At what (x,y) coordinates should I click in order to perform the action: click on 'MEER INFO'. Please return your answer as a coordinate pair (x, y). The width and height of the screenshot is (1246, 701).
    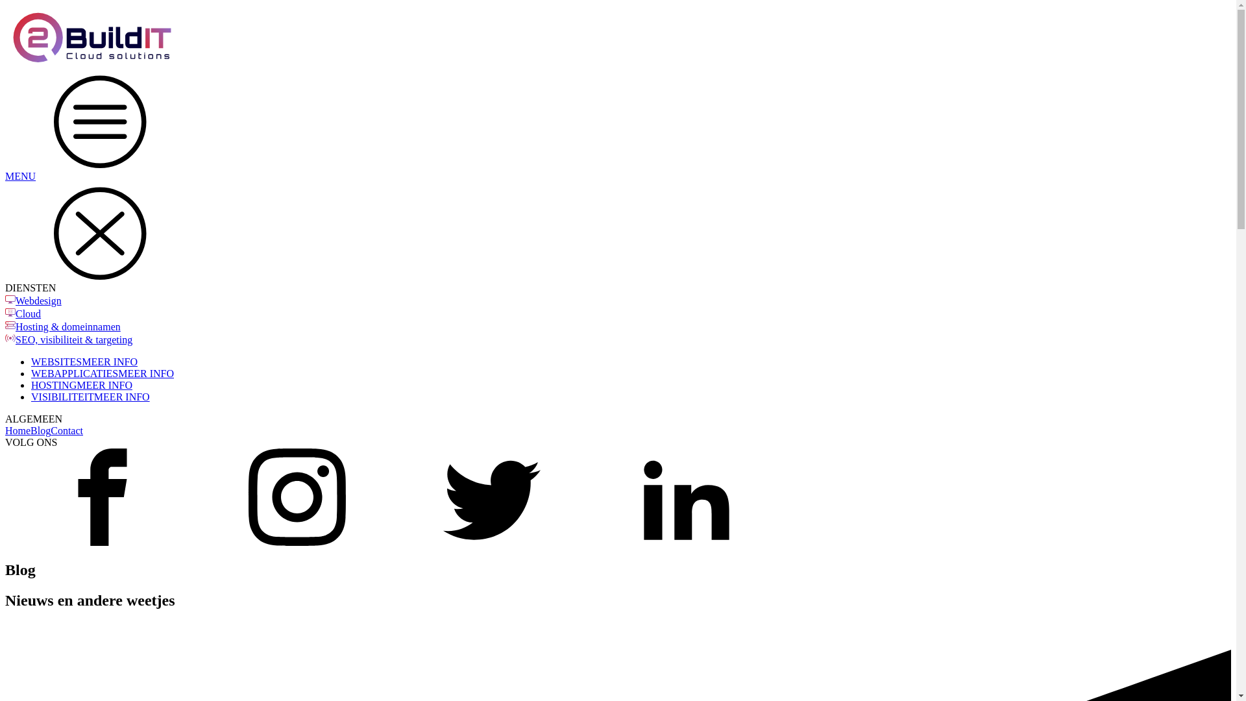
    Looking at the image, I should click on (146, 373).